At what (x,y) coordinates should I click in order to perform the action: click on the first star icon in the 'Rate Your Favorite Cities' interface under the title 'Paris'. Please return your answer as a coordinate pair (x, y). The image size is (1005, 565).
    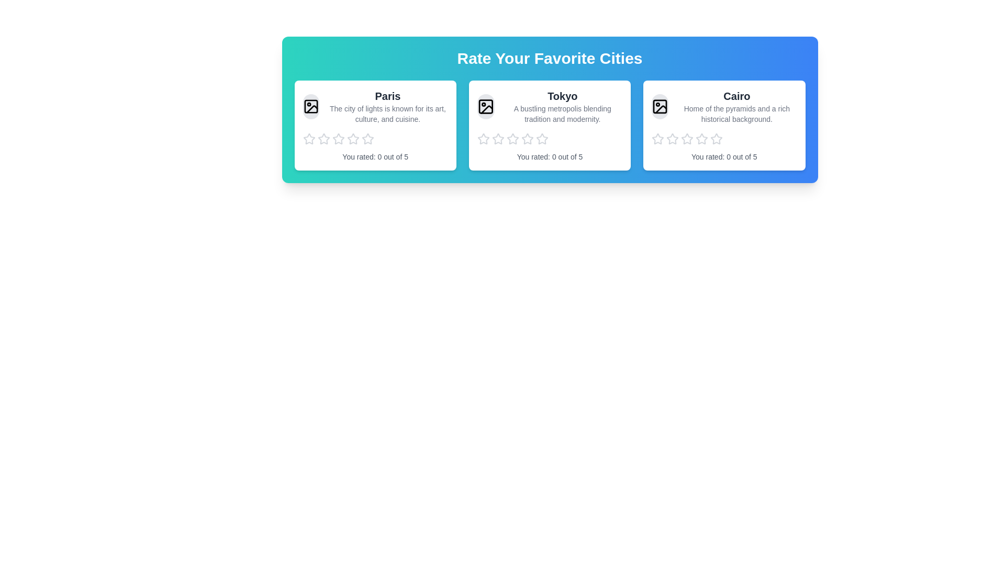
    Looking at the image, I should click on (308, 139).